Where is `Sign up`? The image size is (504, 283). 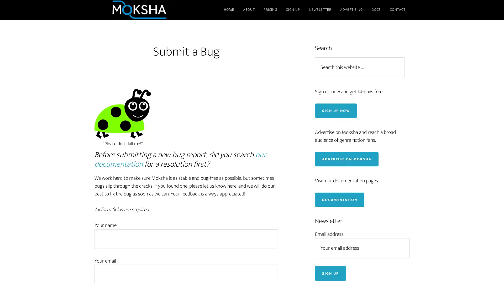
Sign up is located at coordinates (330, 273).